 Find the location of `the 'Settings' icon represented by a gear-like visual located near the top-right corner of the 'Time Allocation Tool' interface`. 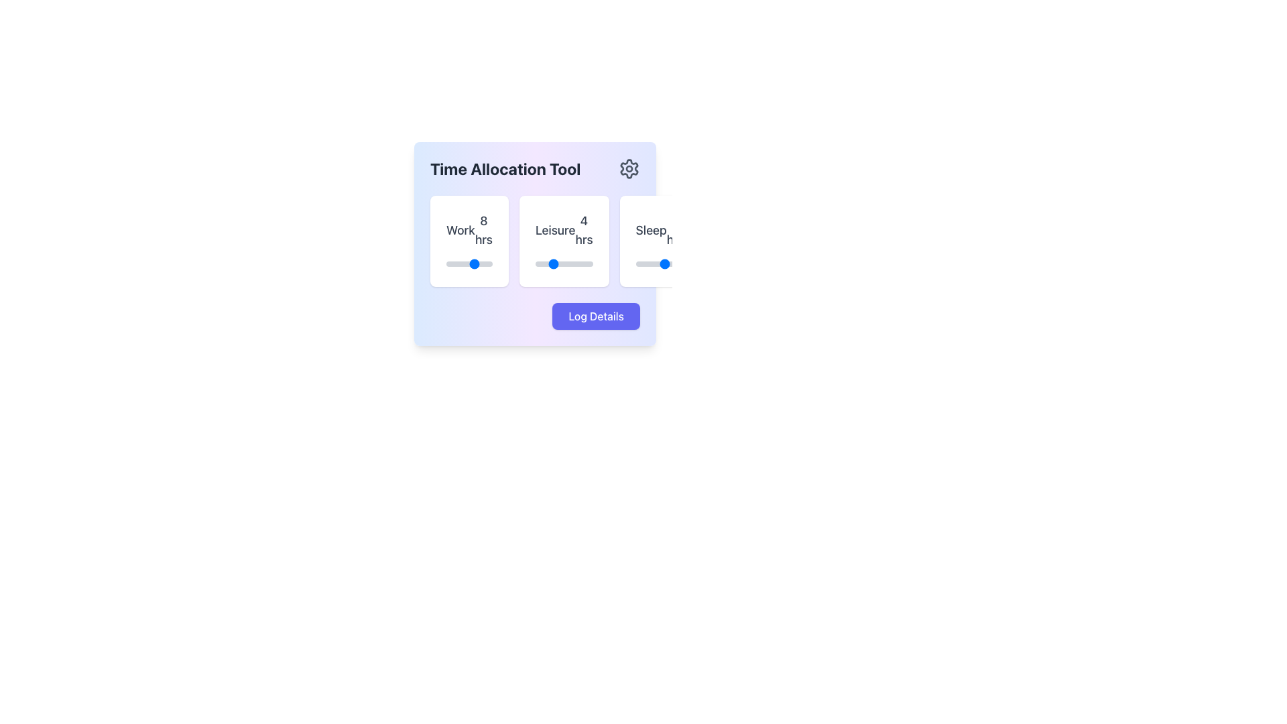

the 'Settings' icon represented by a gear-like visual located near the top-right corner of the 'Time Allocation Tool' interface is located at coordinates (629, 168).